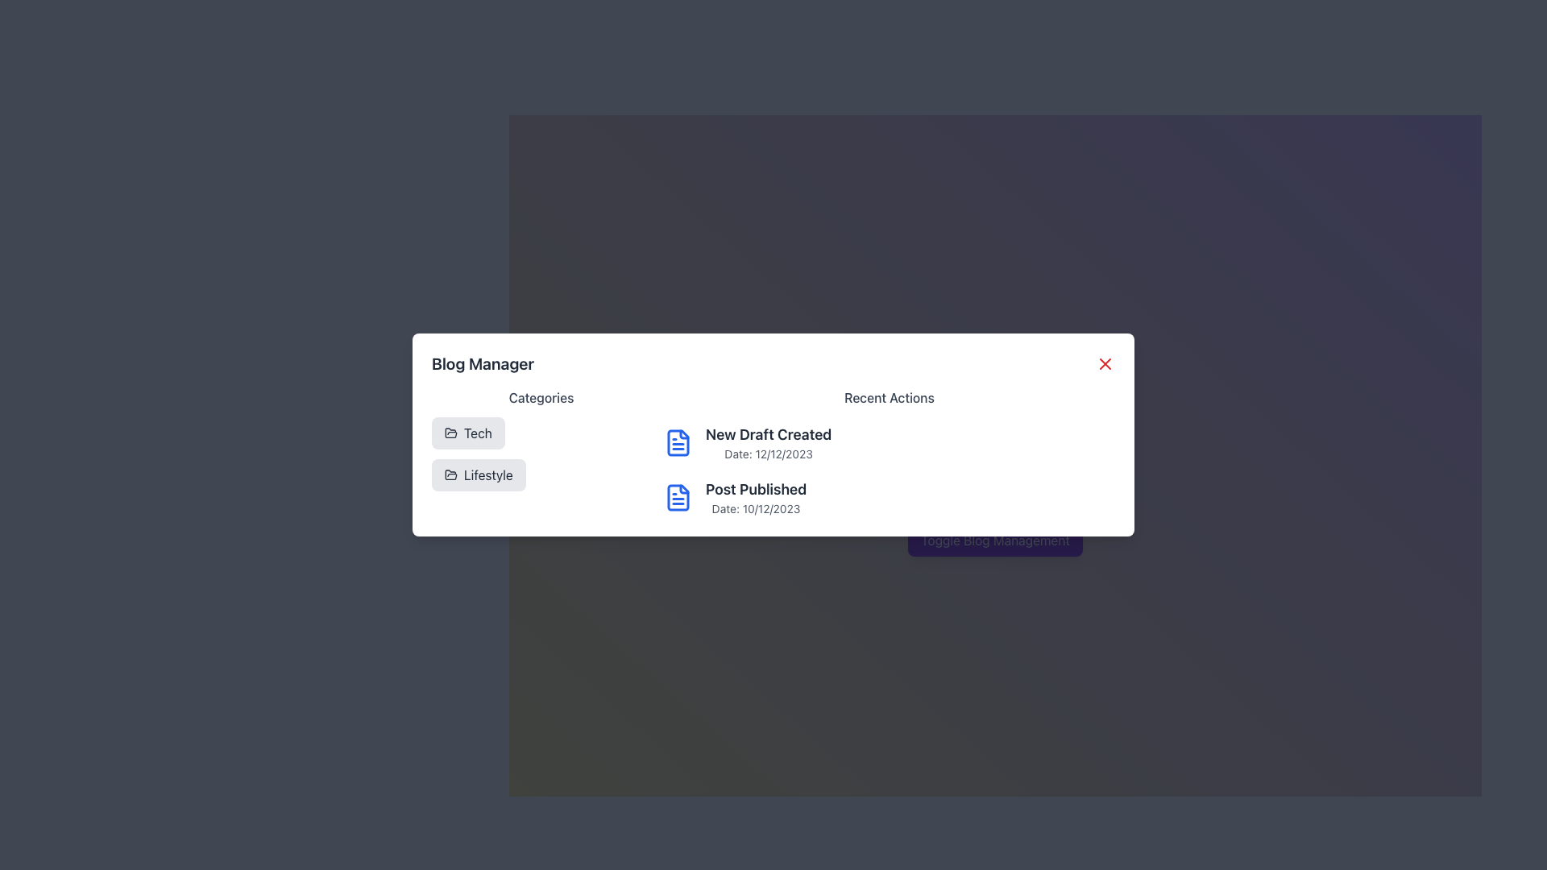 The width and height of the screenshot is (1547, 870). I want to click on the title header in the 'Recent Actions' section that indicates the creation of a new draft, positioned above the 'Date: 12/12/2023' text and to the right of the document icon, so click(768, 435).